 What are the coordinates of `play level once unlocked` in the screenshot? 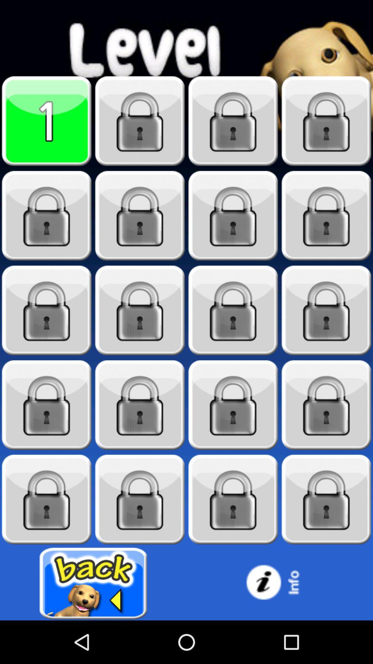 It's located at (326, 215).